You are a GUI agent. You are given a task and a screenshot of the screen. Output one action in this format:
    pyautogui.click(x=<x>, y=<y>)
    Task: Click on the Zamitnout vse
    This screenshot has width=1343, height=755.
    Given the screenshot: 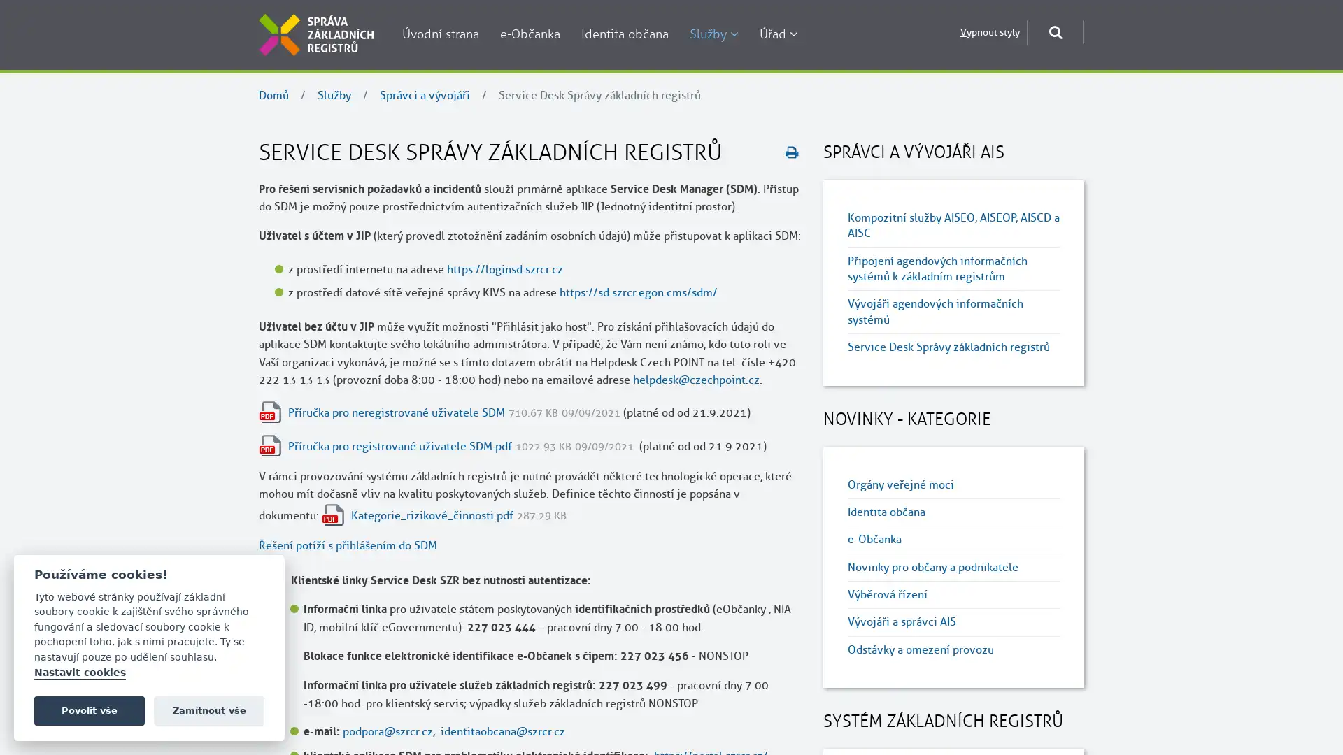 What is the action you would take?
    pyautogui.click(x=208, y=710)
    